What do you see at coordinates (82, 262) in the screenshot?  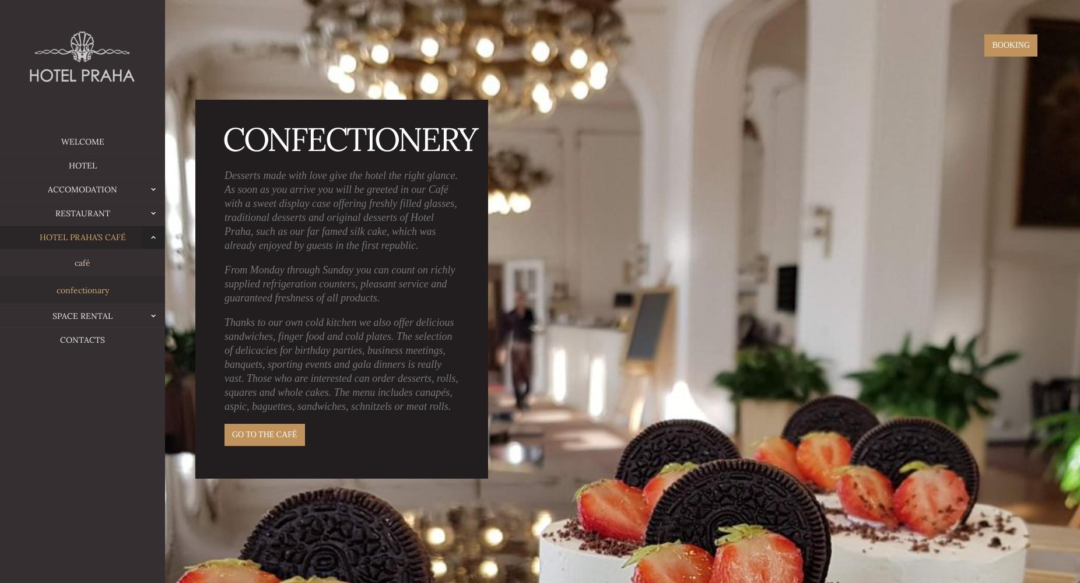 I see `'Café'` at bounding box center [82, 262].